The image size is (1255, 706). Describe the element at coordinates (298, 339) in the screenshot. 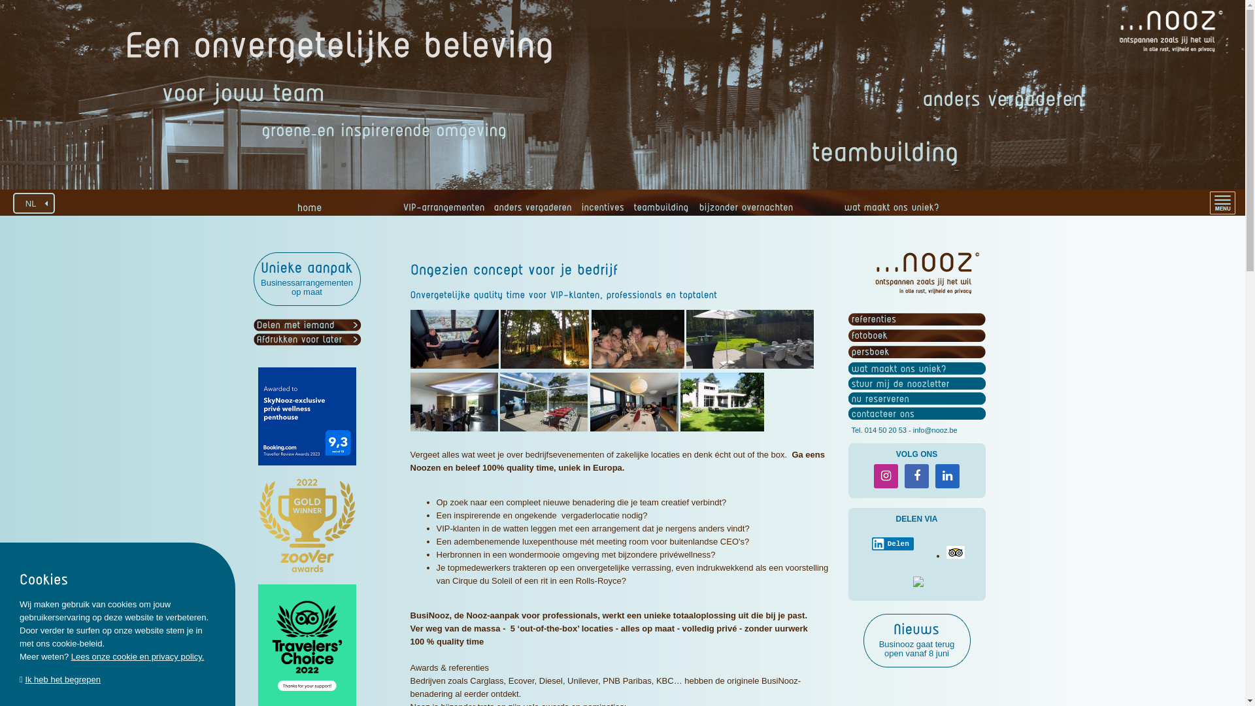

I see `'Afdrukken voor later'` at that location.